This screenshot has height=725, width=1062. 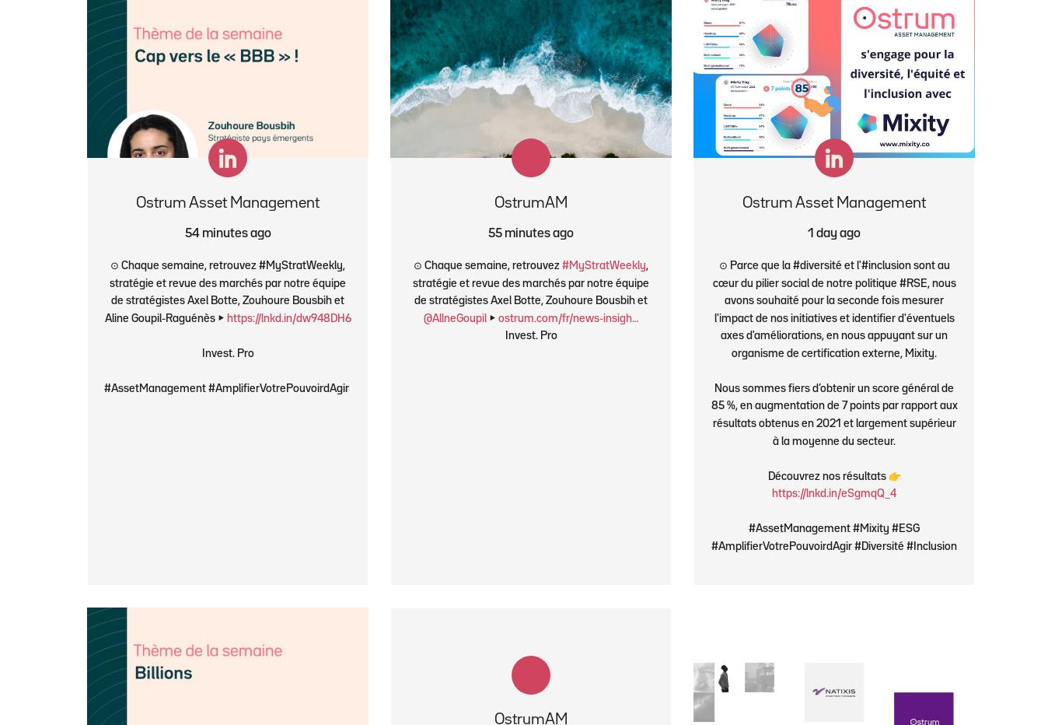 What do you see at coordinates (833, 308) in the screenshot?
I see `'⊙ Parce que la #diversité et l'#inclusion sont au cœur du pilier social de notre politique #RSE, nous avons souhaité pour la seconde fois mesurer l'impact de nos initiatives et identifier d'éventuels axes d'améliorations, en nous appuyant sur un organisme de certification externe, Mixity.'` at bounding box center [833, 308].